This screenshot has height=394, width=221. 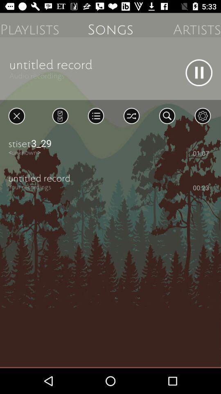 What do you see at coordinates (167, 115) in the screenshot?
I see `search button` at bounding box center [167, 115].